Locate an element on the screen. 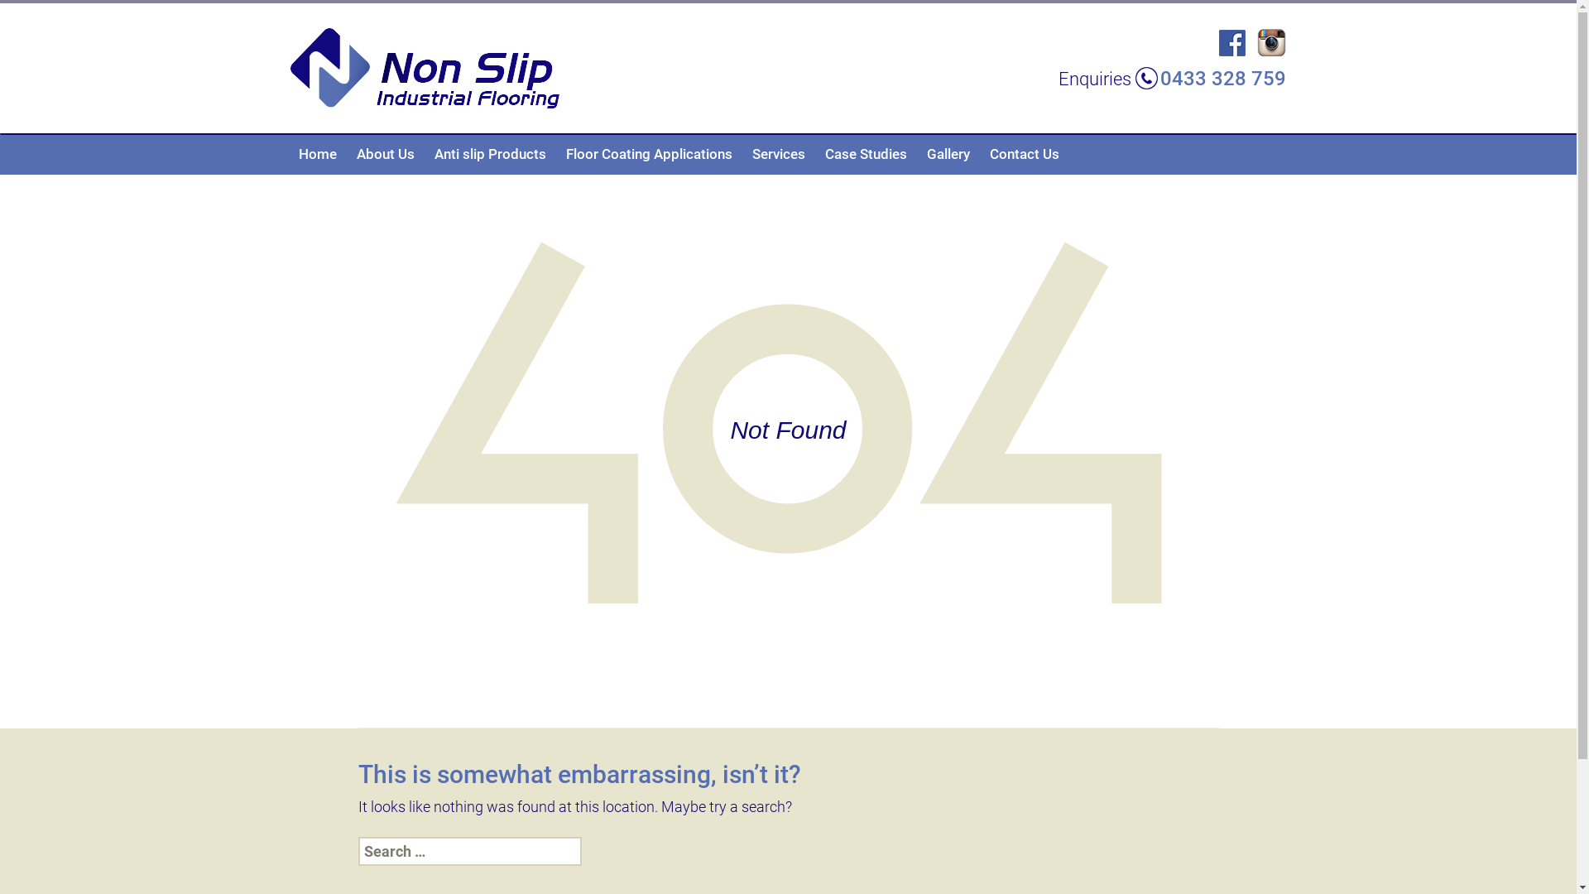  'Search for:' is located at coordinates (468, 851).